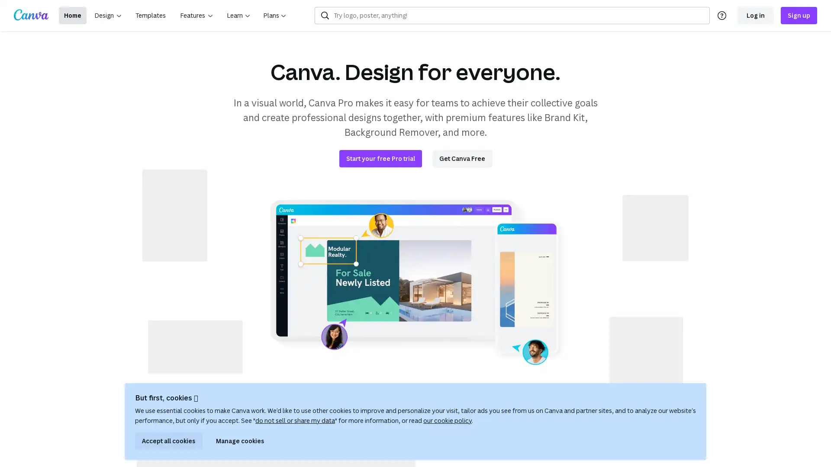 The image size is (831, 467). What do you see at coordinates (799, 15) in the screenshot?
I see `Sign up` at bounding box center [799, 15].